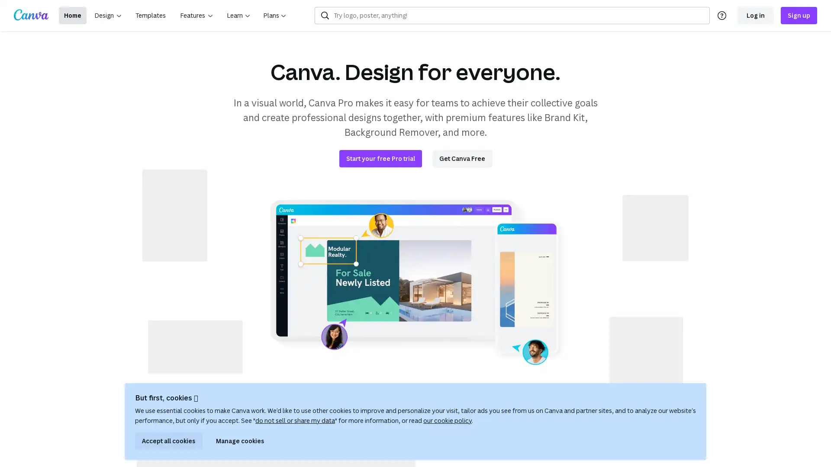 The image size is (831, 467). What do you see at coordinates (799, 15) in the screenshot?
I see `Sign up` at bounding box center [799, 15].